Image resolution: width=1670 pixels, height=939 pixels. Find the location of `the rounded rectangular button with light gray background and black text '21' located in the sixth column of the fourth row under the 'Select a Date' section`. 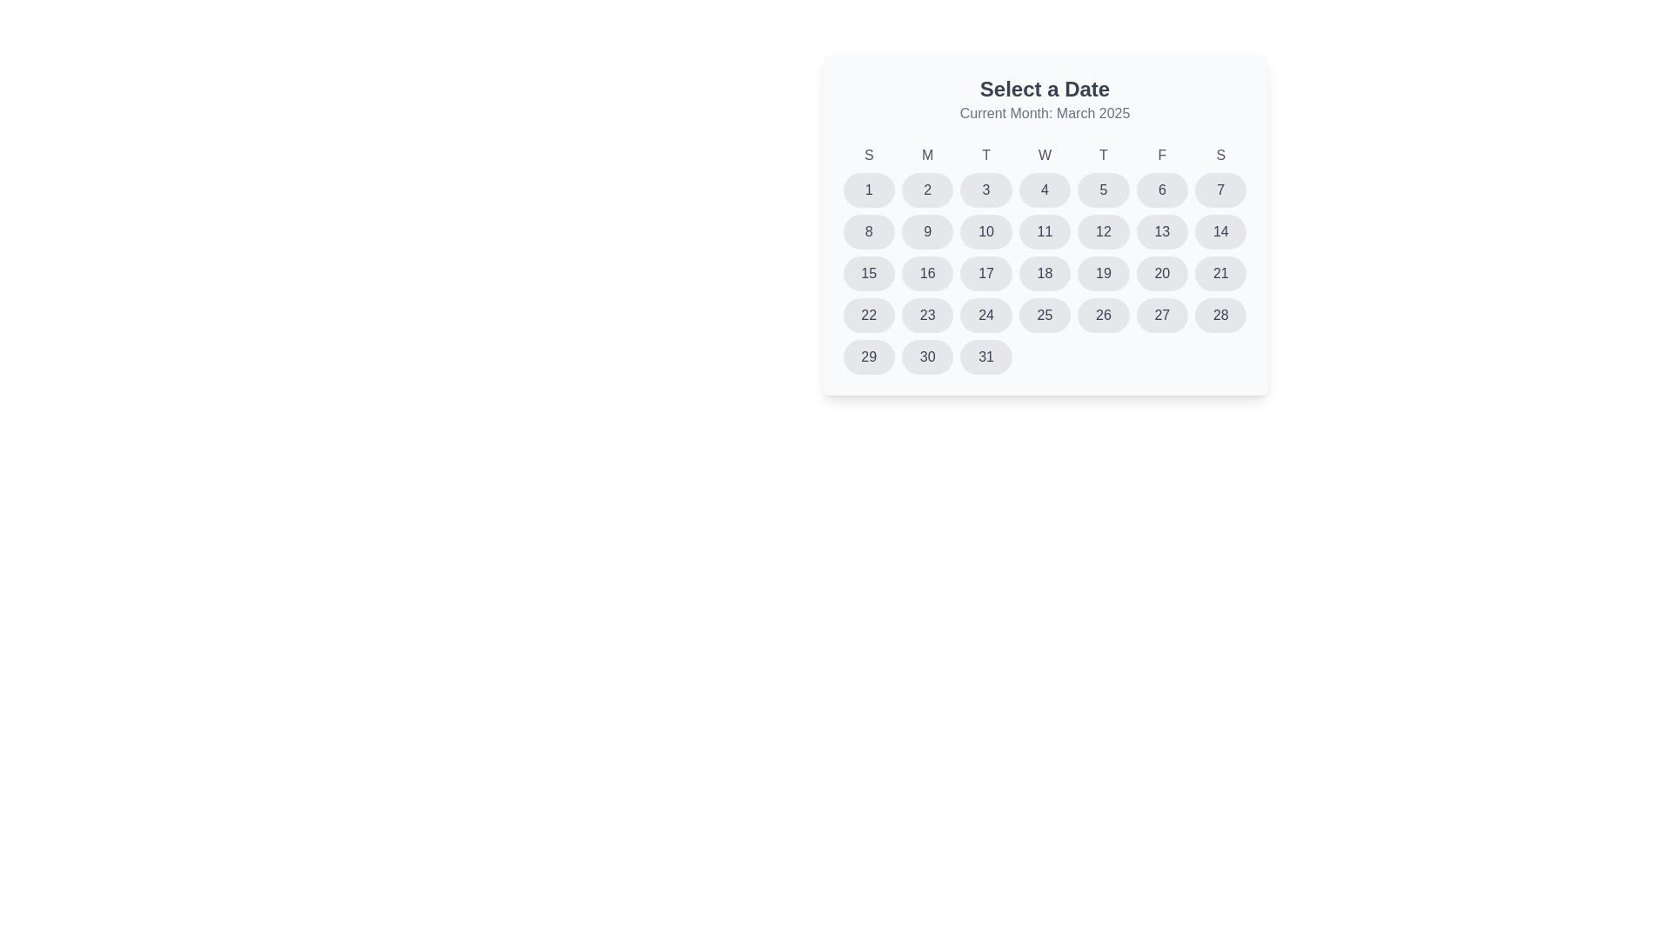

the rounded rectangular button with light gray background and black text '21' located in the sixth column of the fourth row under the 'Select a Date' section is located at coordinates (1219, 274).